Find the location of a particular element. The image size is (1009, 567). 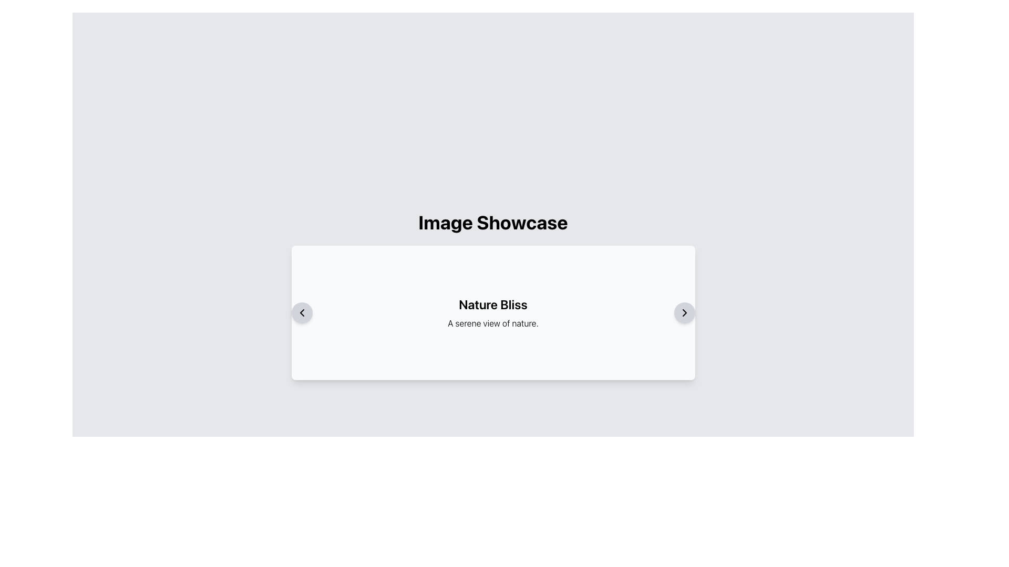

the Chevron Right Icon located at the center of the circular area on the far-right edge of the 'Nature Bliss' card is located at coordinates (684, 312).